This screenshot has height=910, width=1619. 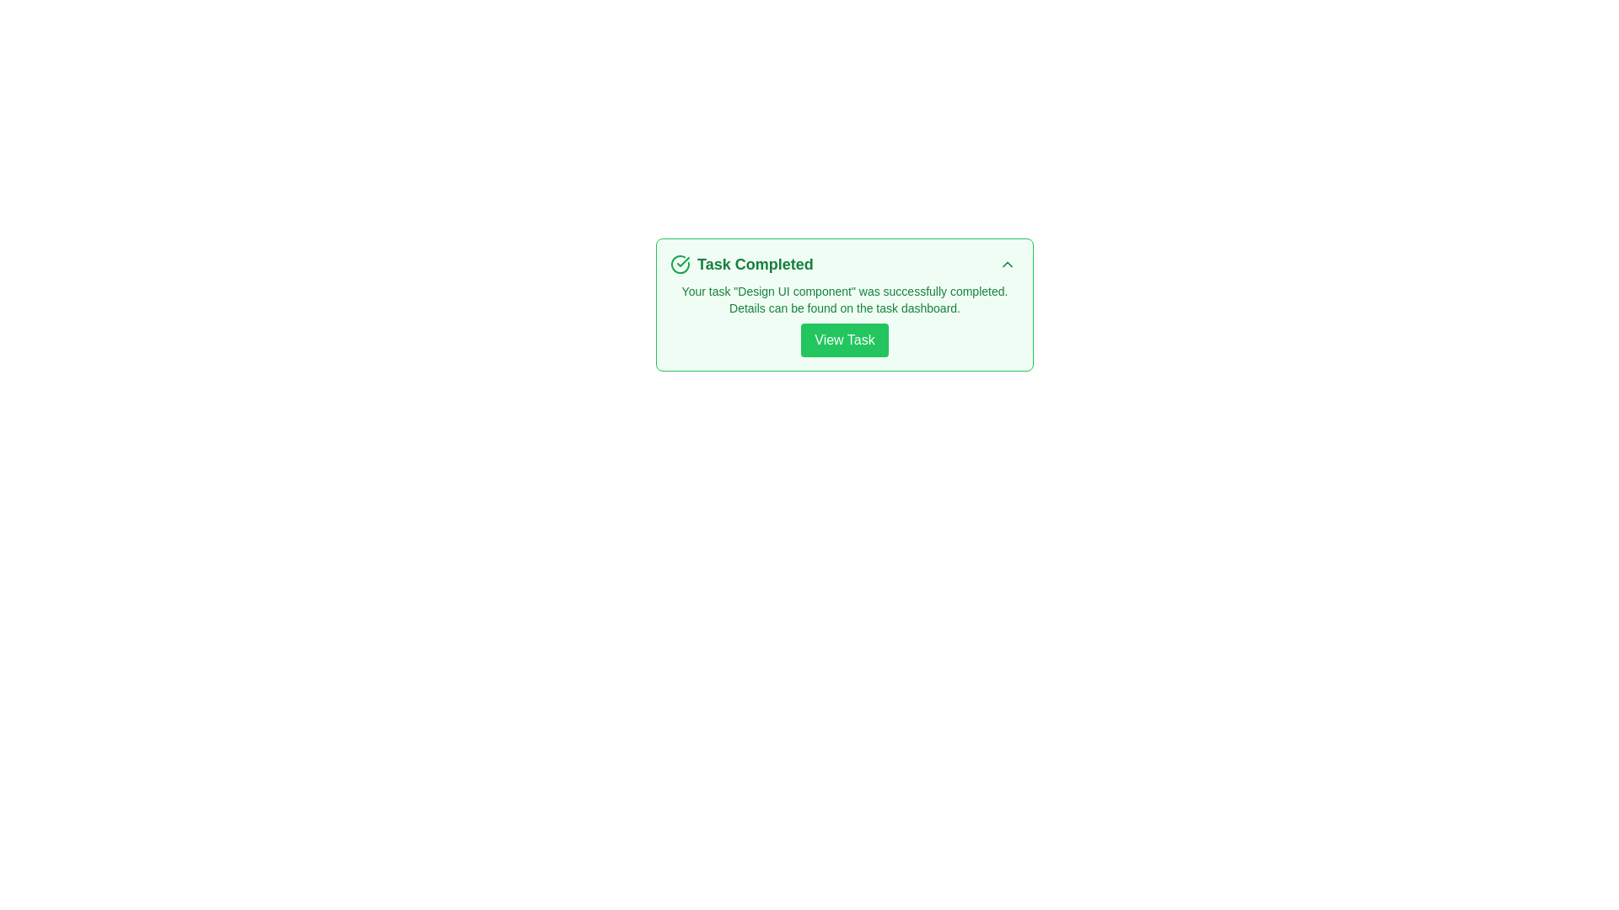 What do you see at coordinates (1008, 264) in the screenshot?
I see `the chevron-down icon with a green stroke located at the top-right corner of the 'Task Completed' success message box` at bounding box center [1008, 264].